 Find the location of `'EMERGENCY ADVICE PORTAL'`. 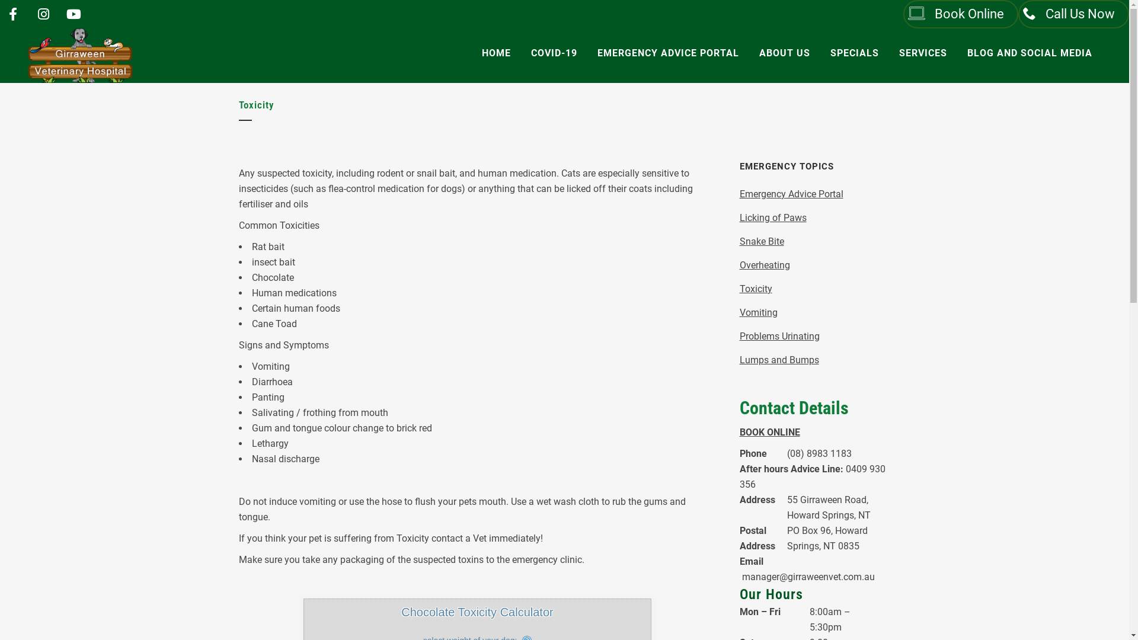

'EMERGENCY ADVICE PORTAL' is located at coordinates (587, 52).